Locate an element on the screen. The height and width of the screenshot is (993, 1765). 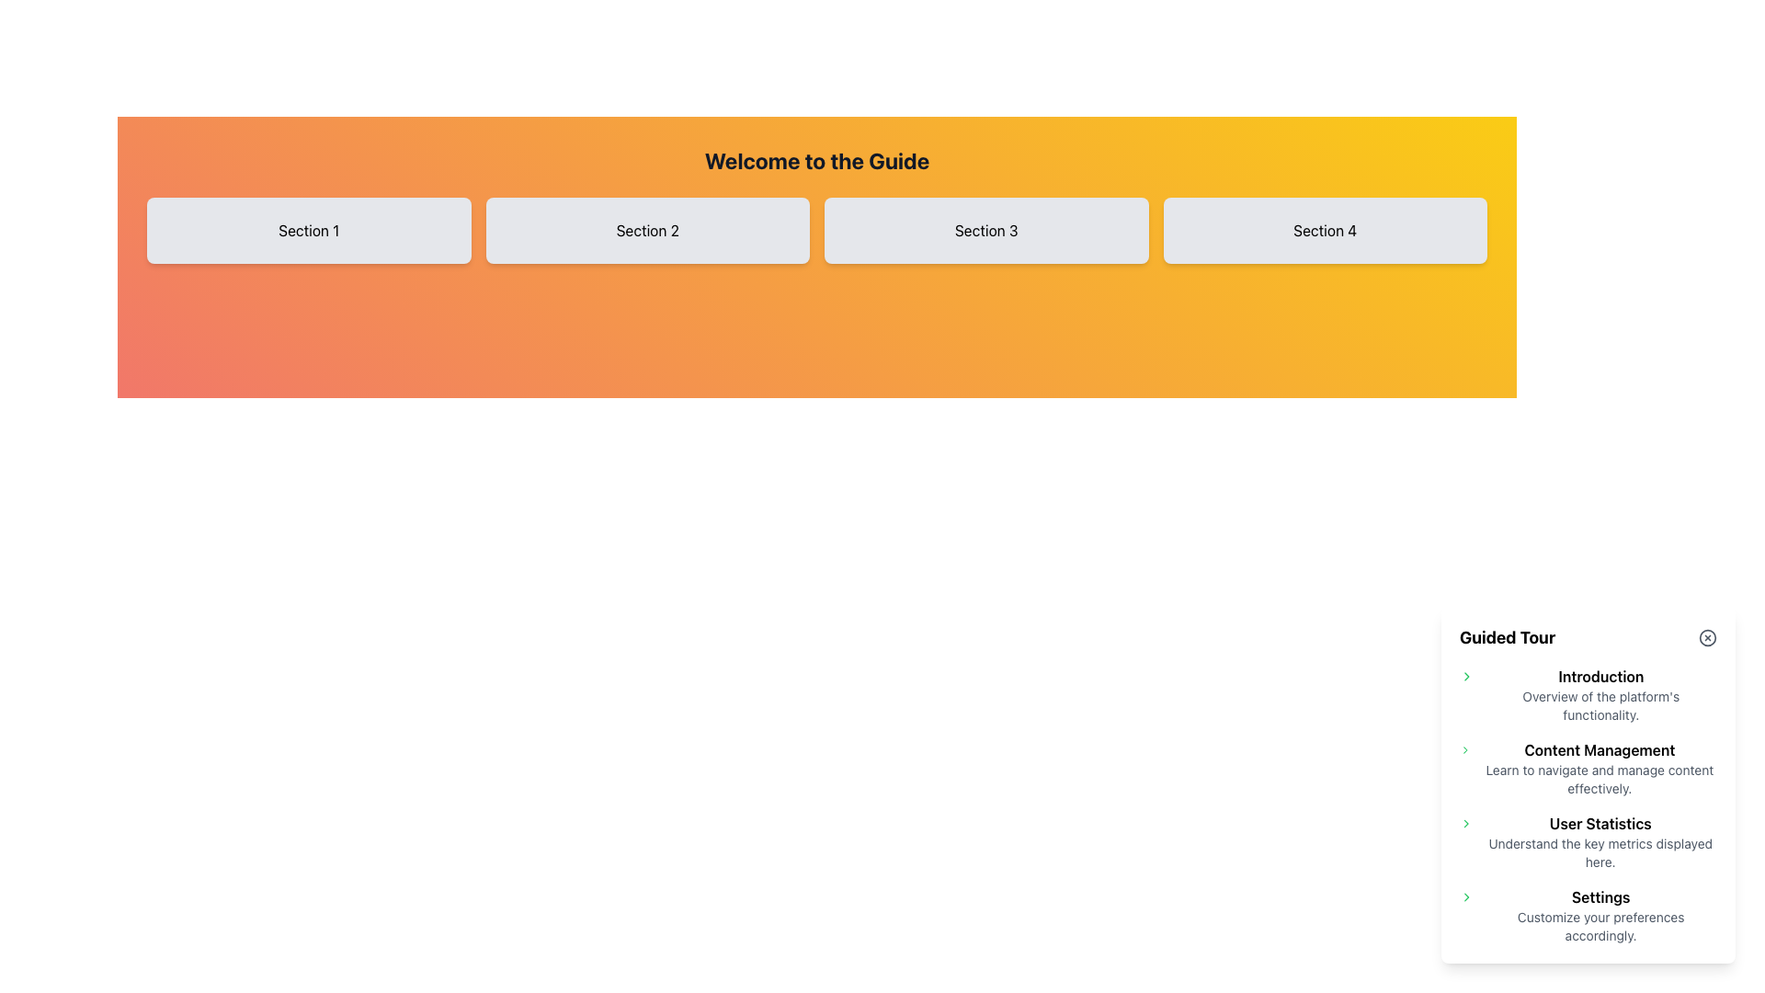
the text label that serves as a descriptive heading for the 'Guided Tour' section, positioned below 'Introduction' and above 'User Statistics' is located at coordinates (1599, 750).